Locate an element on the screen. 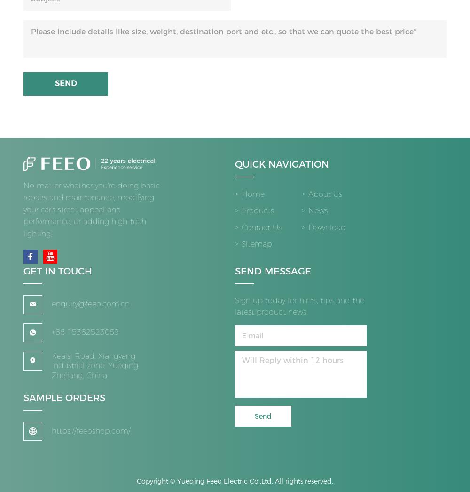 This screenshot has width=470, height=492. 'SAMPLE ORDERS' is located at coordinates (64, 401).